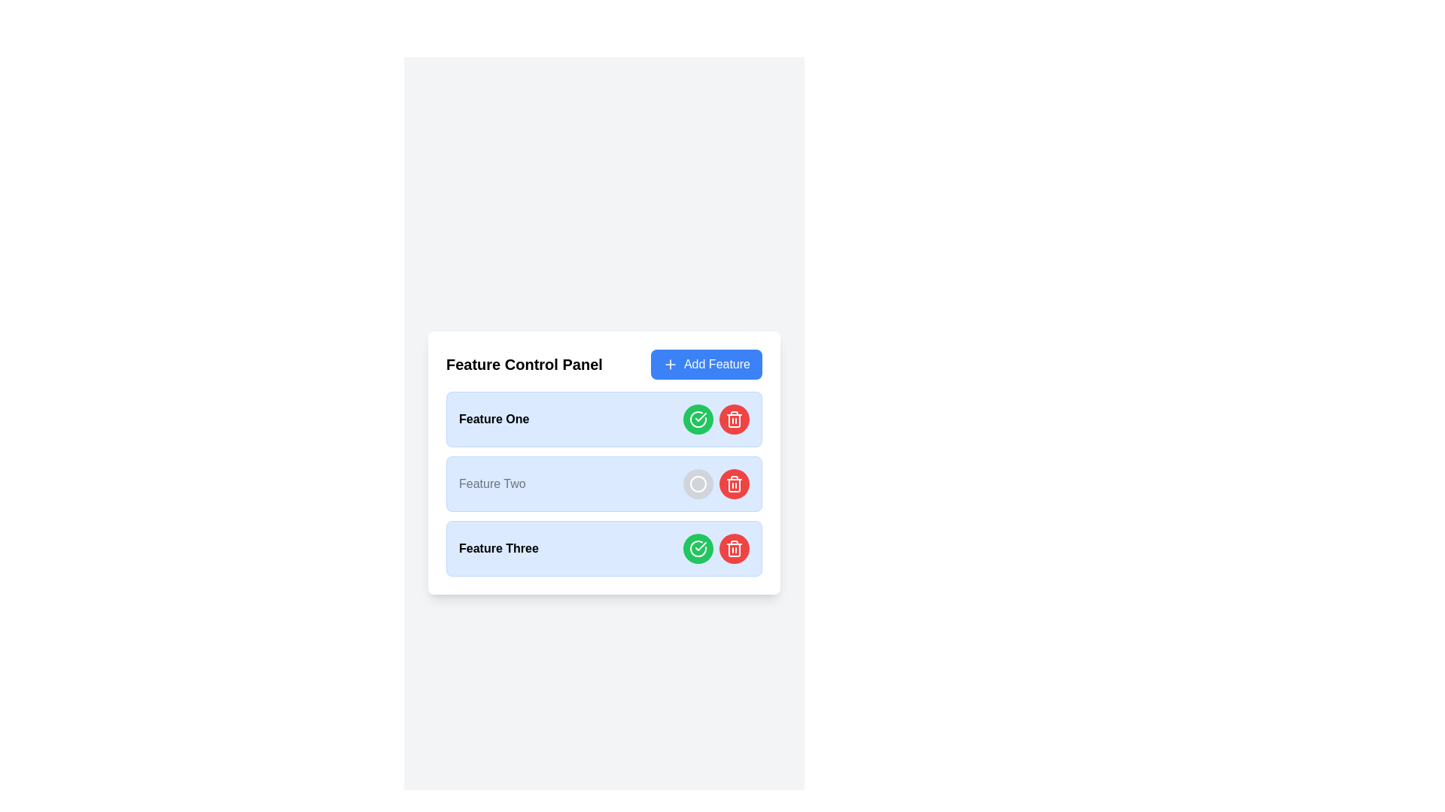  What do you see at coordinates (734, 548) in the screenshot?
I see `the trash can icon button enclosed within a circular red button on the right side of the 'Feature Three' row in the 'Feature Control Panel'` at bounding box center [734, 548].